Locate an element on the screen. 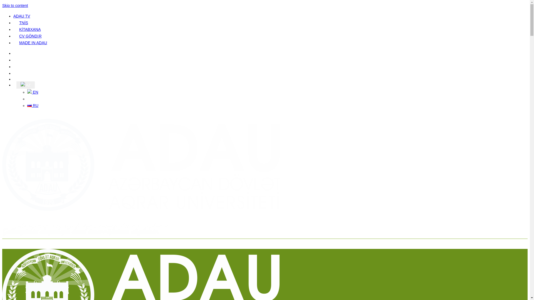 The image size is (534, 300). 'AZ' is located at coordinates (25, 85).